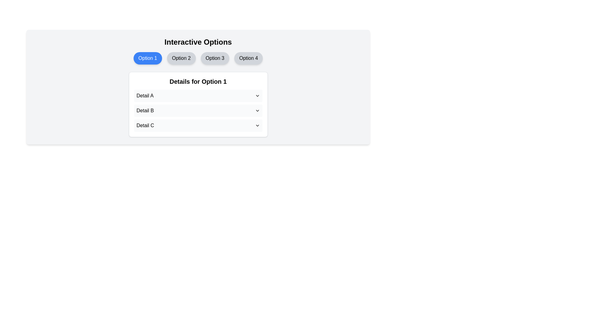 Image resolution: width=595 pixels, height=335 pixels. I want to click on the text label that serves as the title for the group of interactive options located at the top of the section, so click(198, 42).